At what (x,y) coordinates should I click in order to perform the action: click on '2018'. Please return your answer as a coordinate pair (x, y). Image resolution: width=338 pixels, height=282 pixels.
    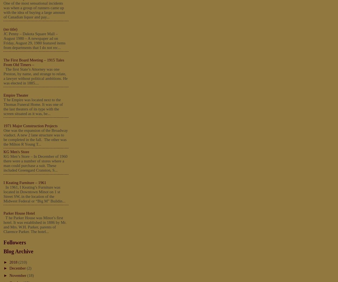
    Looking at the image, I should click on (14, 262).